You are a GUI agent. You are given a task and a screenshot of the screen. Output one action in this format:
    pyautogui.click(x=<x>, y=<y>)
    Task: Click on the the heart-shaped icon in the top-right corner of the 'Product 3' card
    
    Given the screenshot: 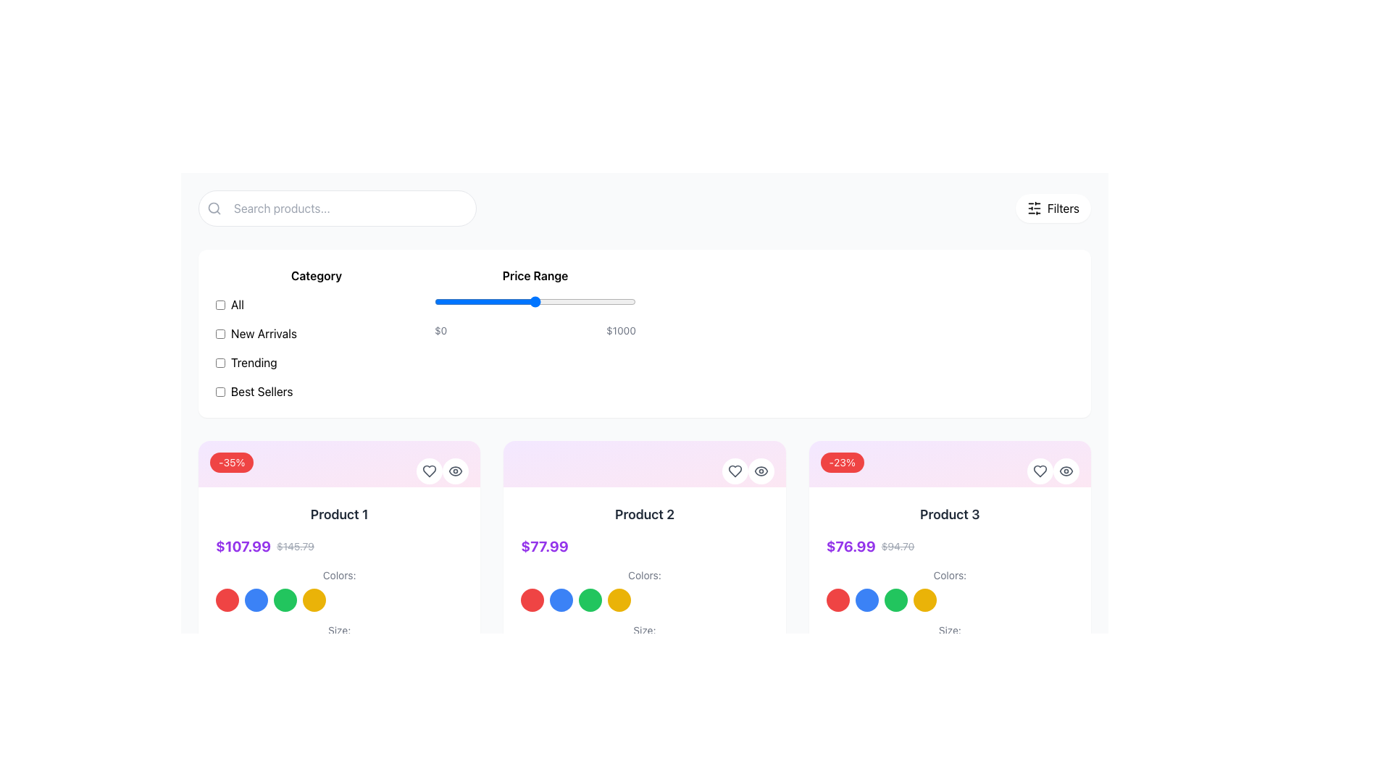 What is the action you would take?
    pyautogui.click(x=1039, y=471)
    